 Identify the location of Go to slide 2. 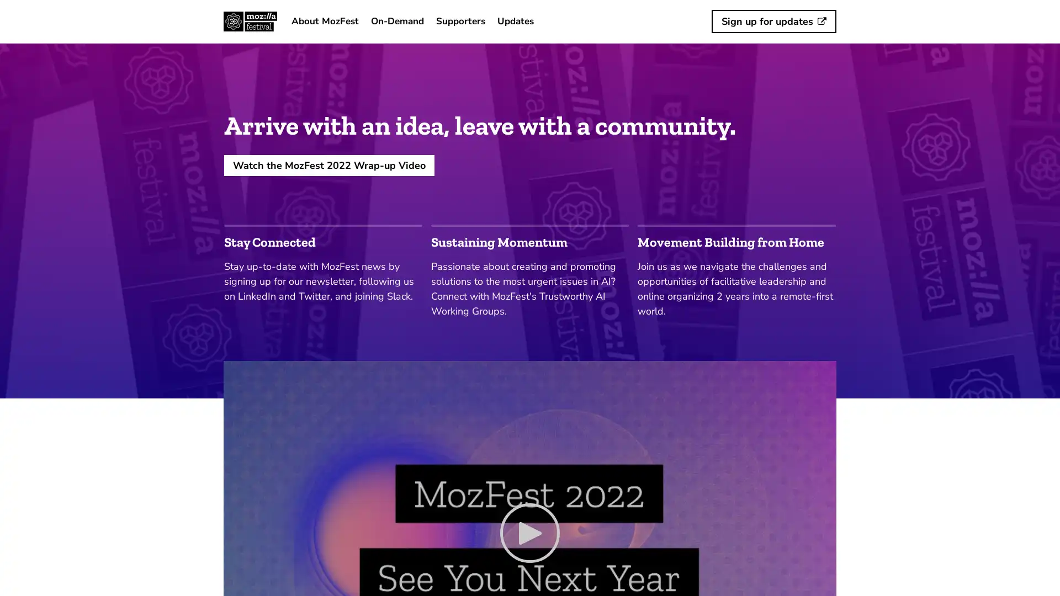
(529, 225).